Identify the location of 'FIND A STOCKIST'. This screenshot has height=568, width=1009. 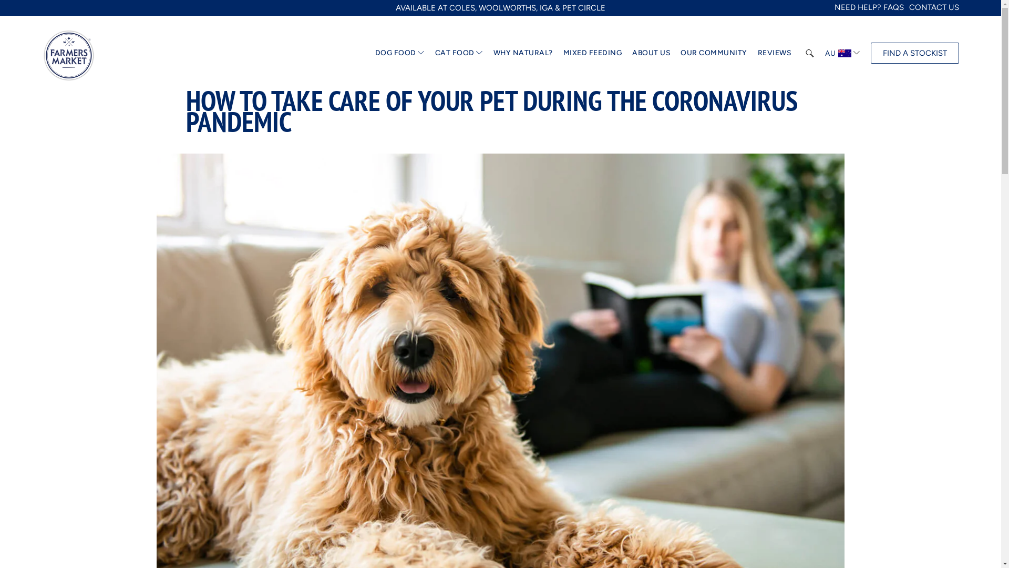
(870, 53).